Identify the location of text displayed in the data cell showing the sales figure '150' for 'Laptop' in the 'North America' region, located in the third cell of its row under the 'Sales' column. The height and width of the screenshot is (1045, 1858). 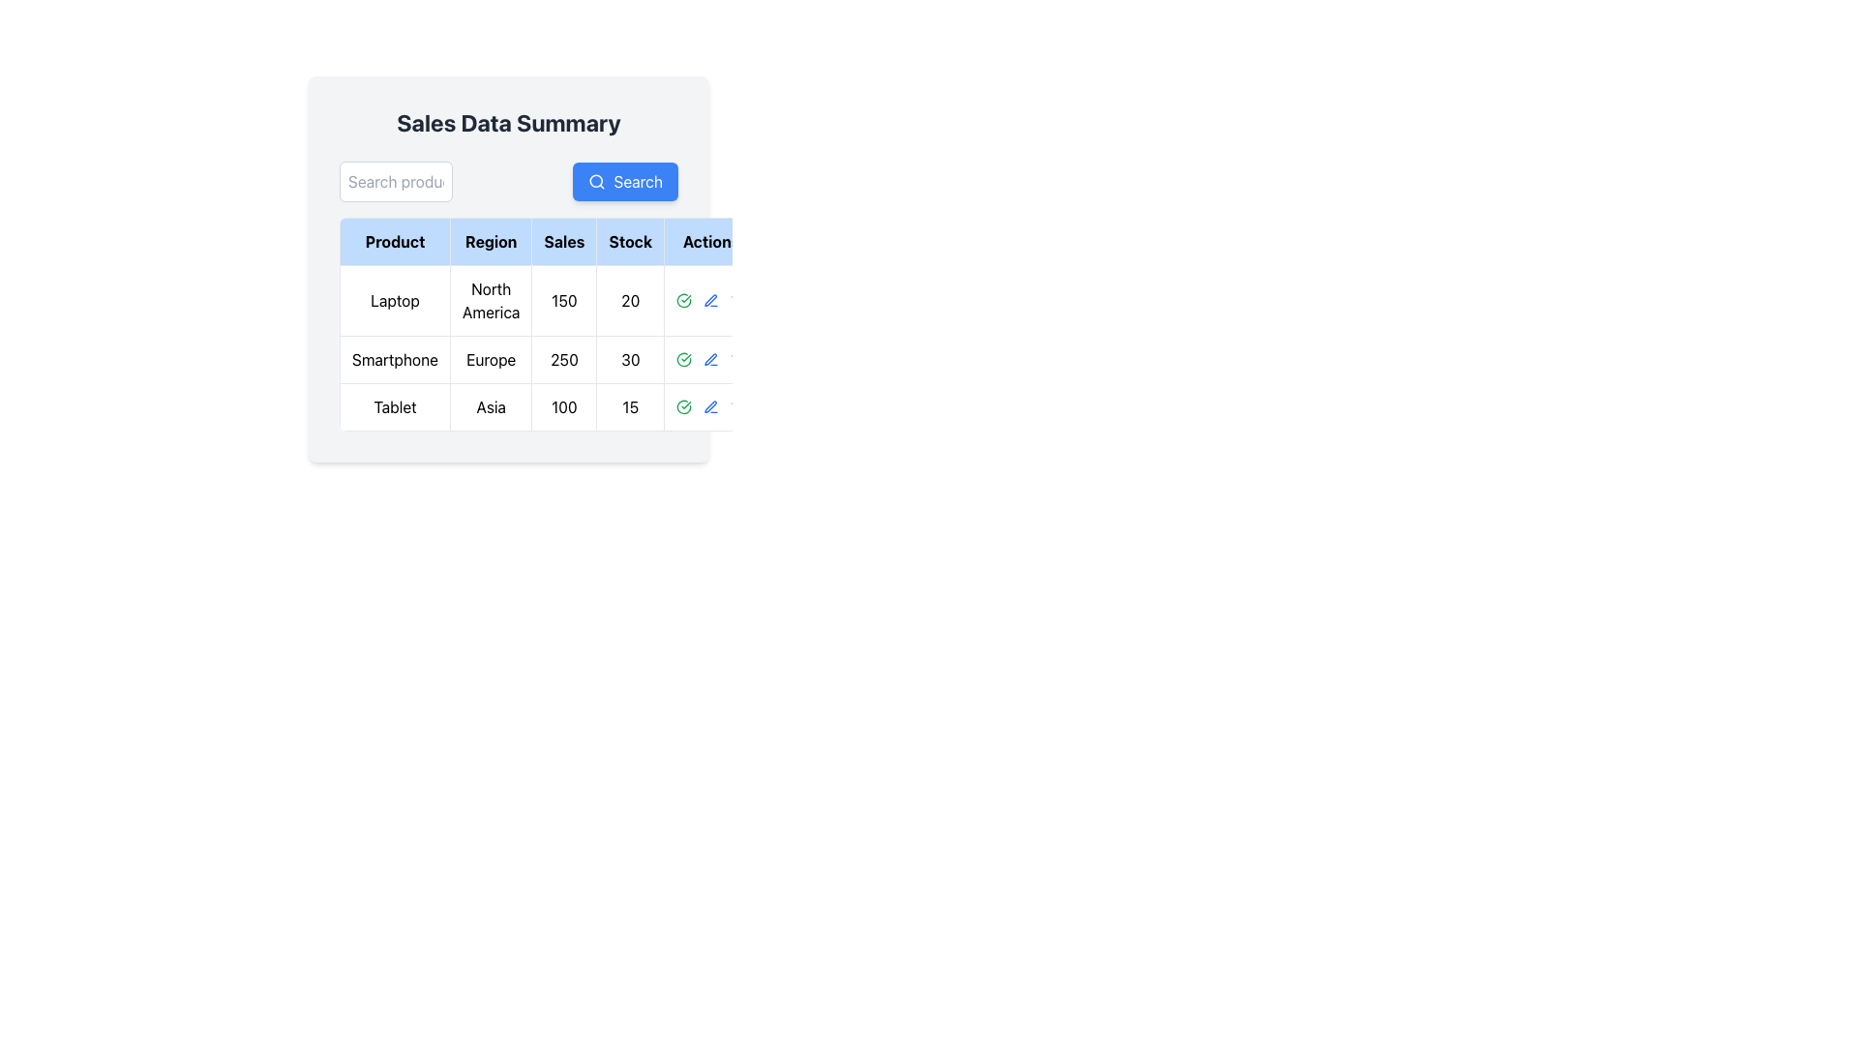
(563, 301).